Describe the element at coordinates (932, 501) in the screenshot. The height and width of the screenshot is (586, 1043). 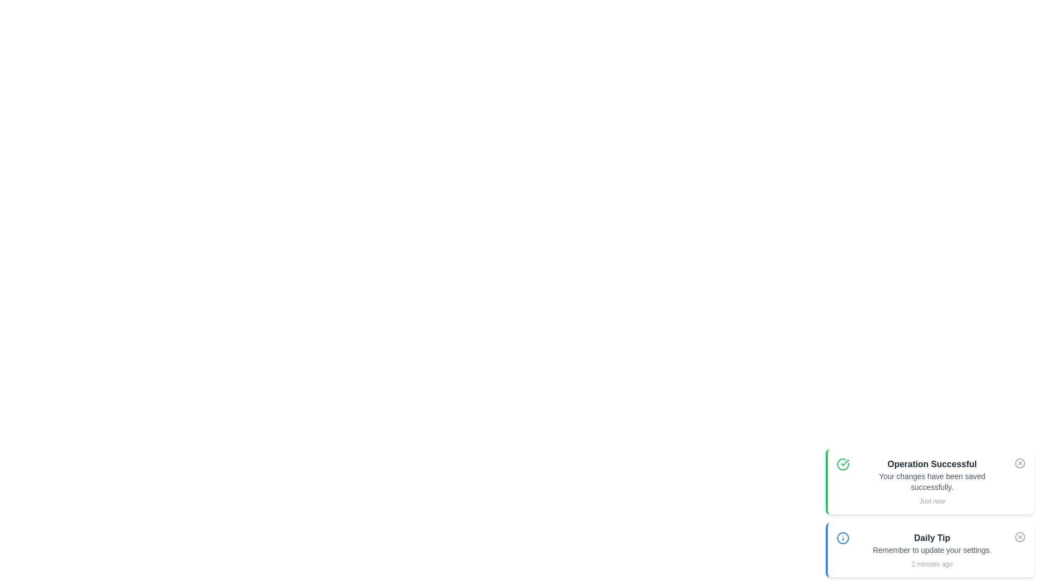
I see `the small text label displaying 'Just now' in gray color, which is located beneath the bold header 'Operation Successful' and the message 'Your changes have been saved successfully.'` at that location.